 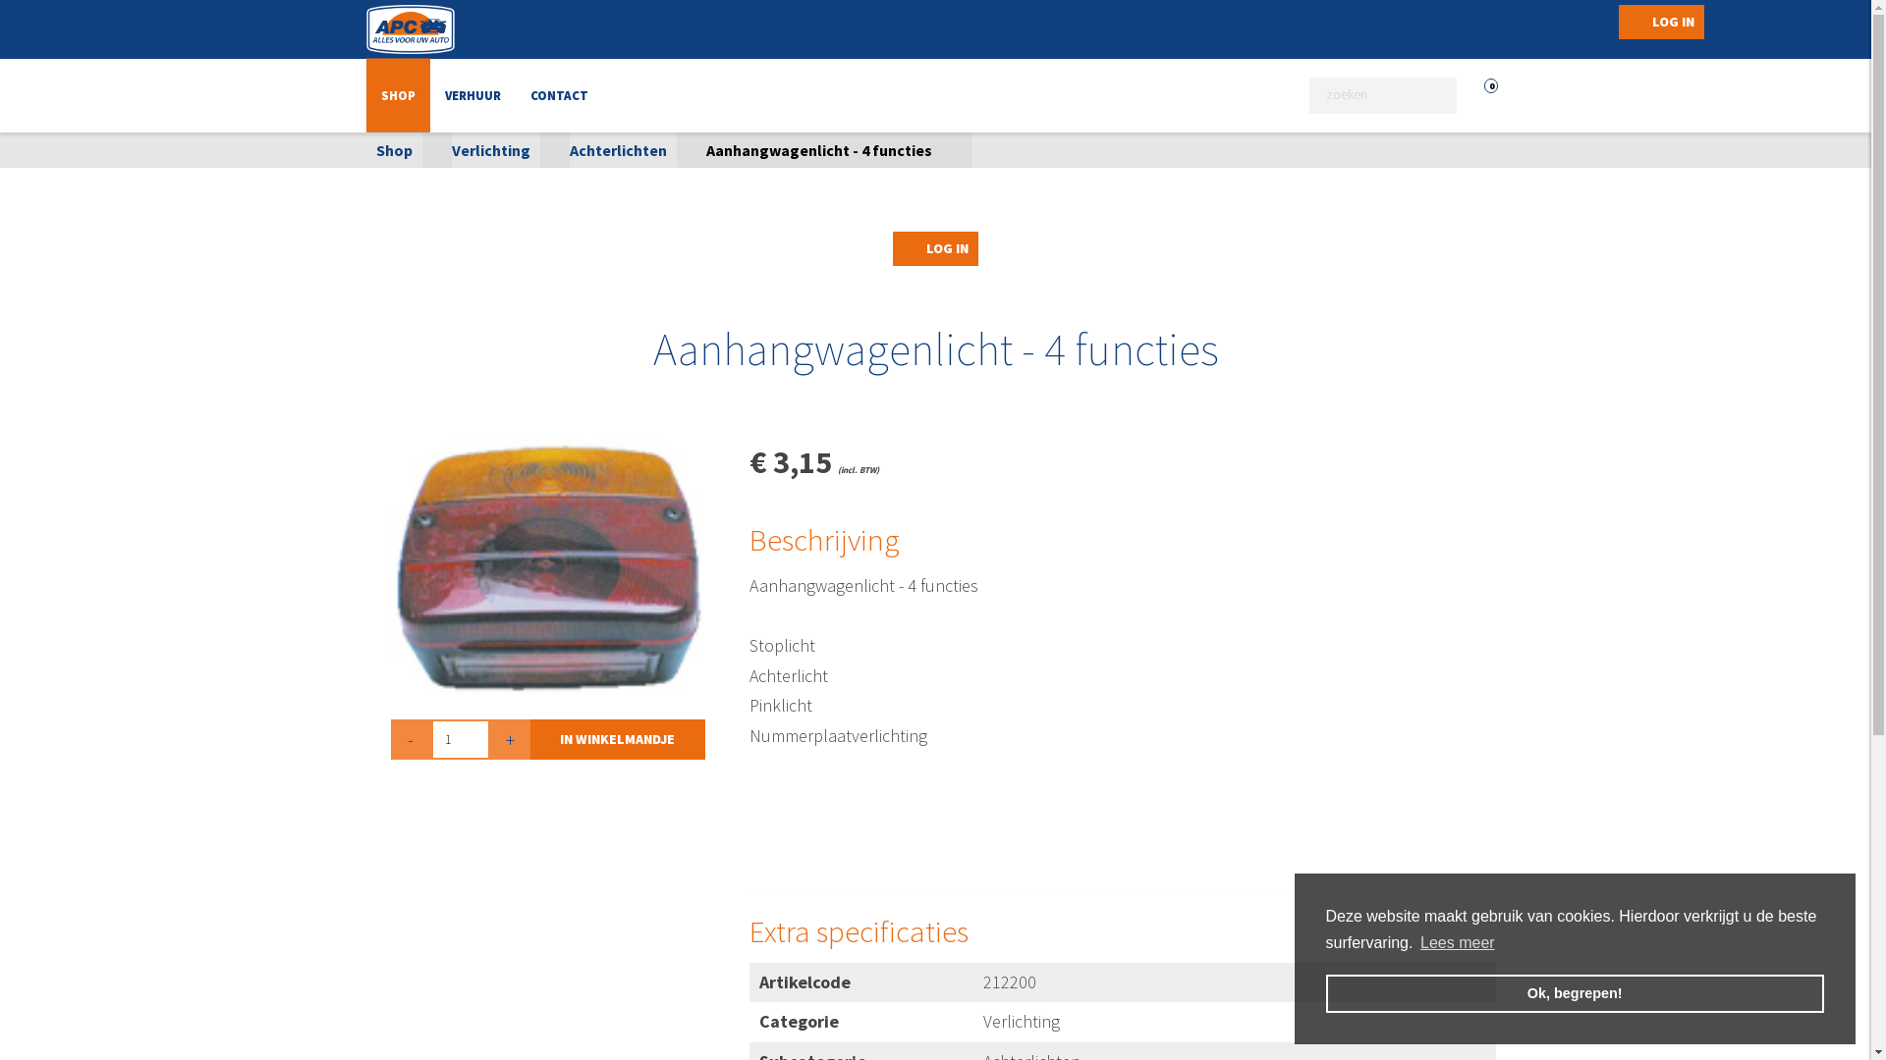 I want to click on 'VERHUUR', so click(x=472, y=95).